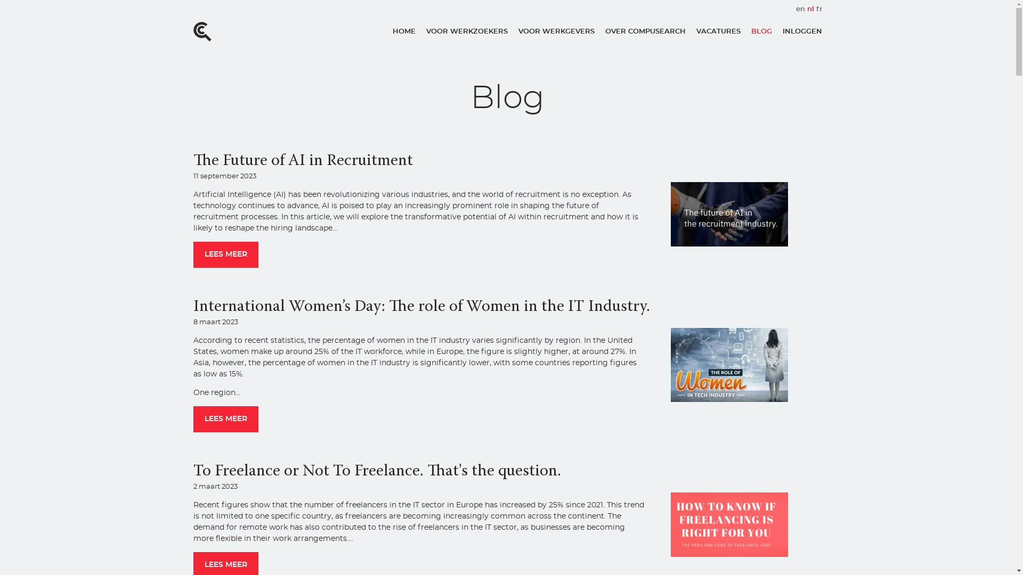 Image resolution: width=1023 pixels, height=575 pixels. Describe the element at coordinates (802, 31) in the screenshot. I see `'INLOGGEN'` at that location.